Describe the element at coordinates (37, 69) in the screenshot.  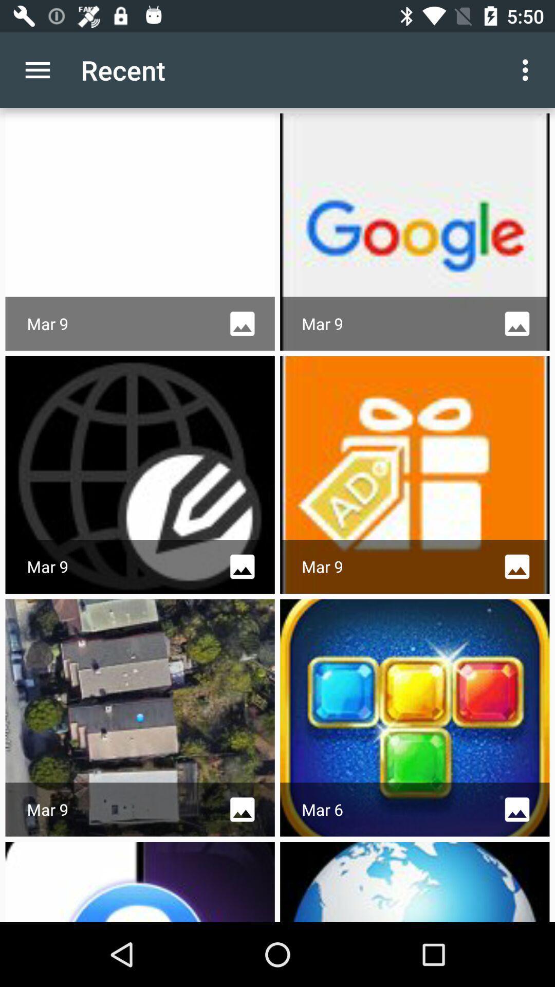
I see `the app next to the recent app` at that location.